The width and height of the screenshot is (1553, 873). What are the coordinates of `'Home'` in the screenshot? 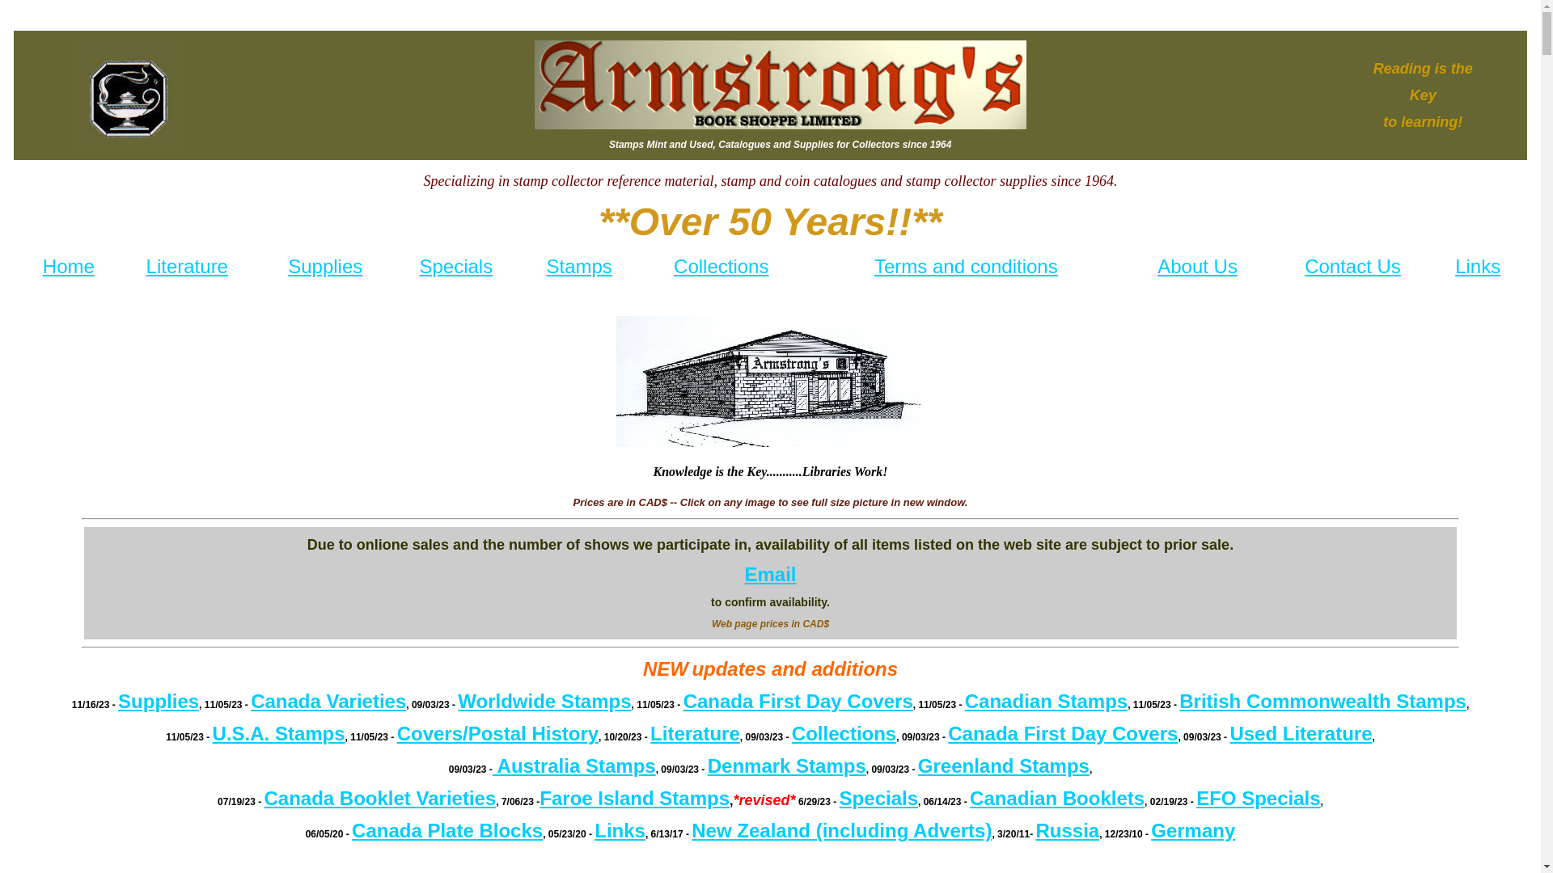 It's located at (68, 265).